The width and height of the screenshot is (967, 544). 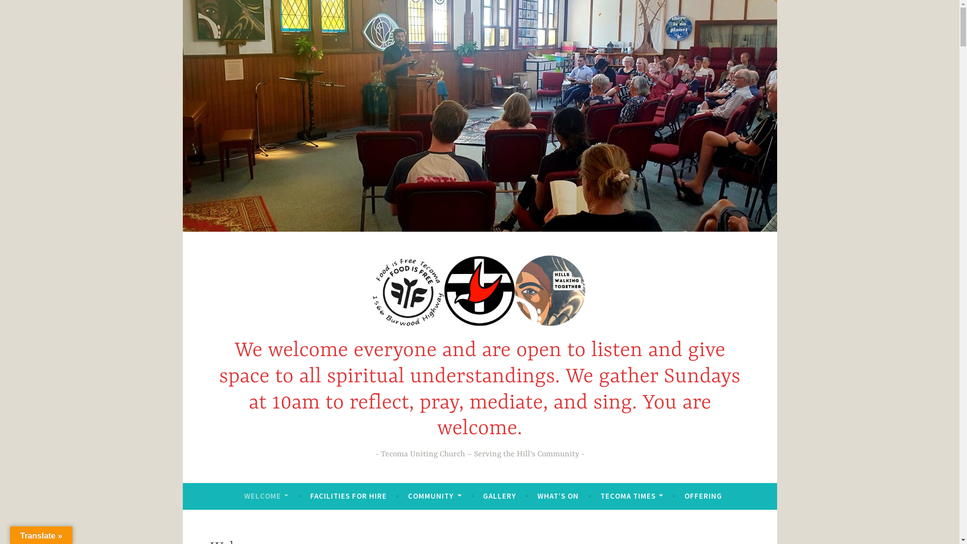 I want to click on 'OFFERING', so click(x=703, y=495).